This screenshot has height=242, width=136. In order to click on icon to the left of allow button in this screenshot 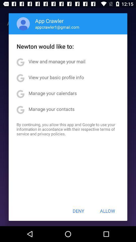, I will do `click(78, 211)`.